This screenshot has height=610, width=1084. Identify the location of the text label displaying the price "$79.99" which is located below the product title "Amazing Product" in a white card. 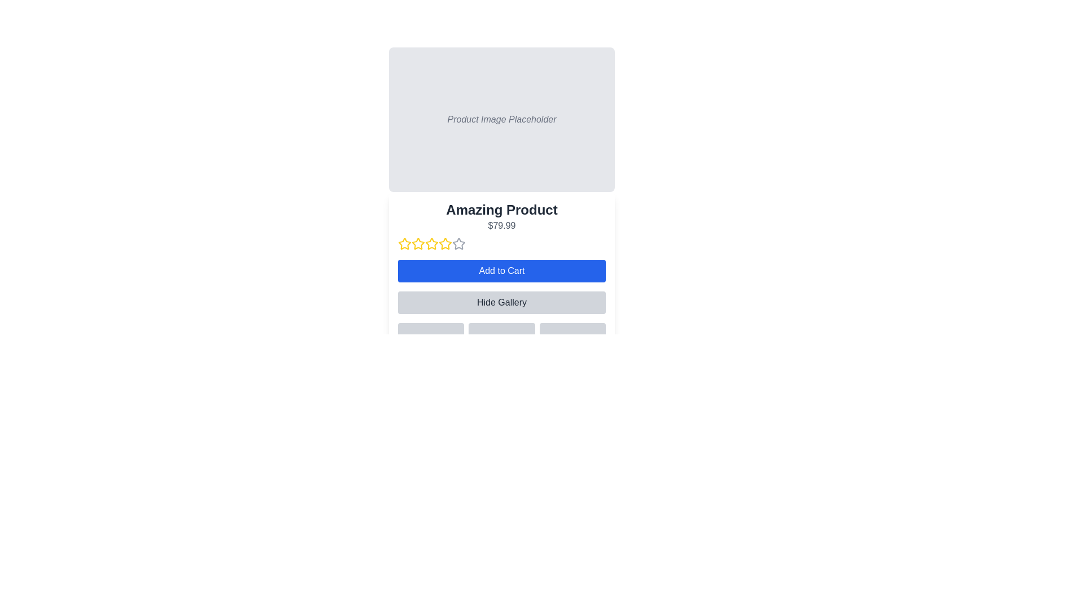
(501, 226).